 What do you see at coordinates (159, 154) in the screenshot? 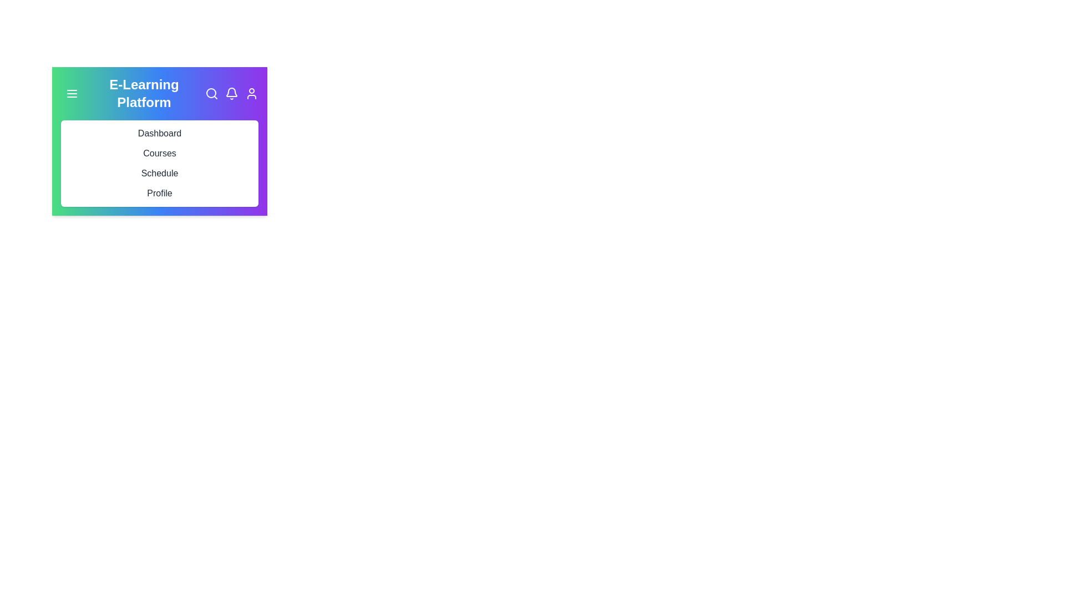
I see `the menu item corresponding to Courses` at bounding box center [159, 154].